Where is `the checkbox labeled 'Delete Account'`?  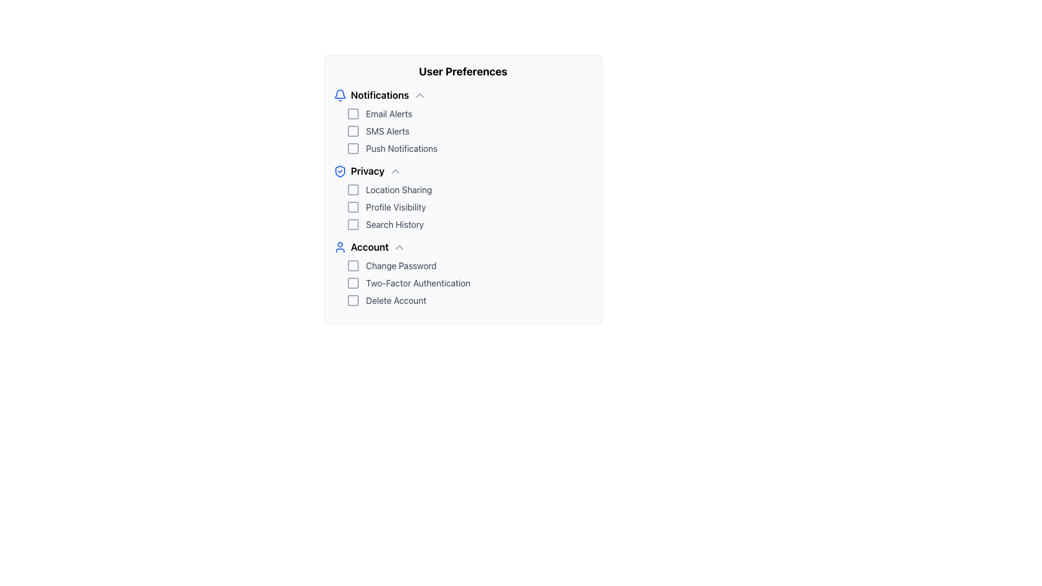
the checkbox labeled 'Delete Account' is located at coordinates (469, 301).